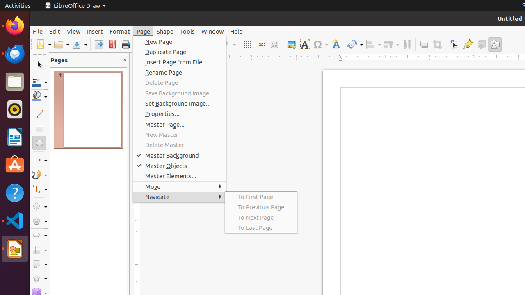  What do you see at coordinates (247, 44) in the screenshot?
I see `'Grid'` at bounding box center [247, 44].